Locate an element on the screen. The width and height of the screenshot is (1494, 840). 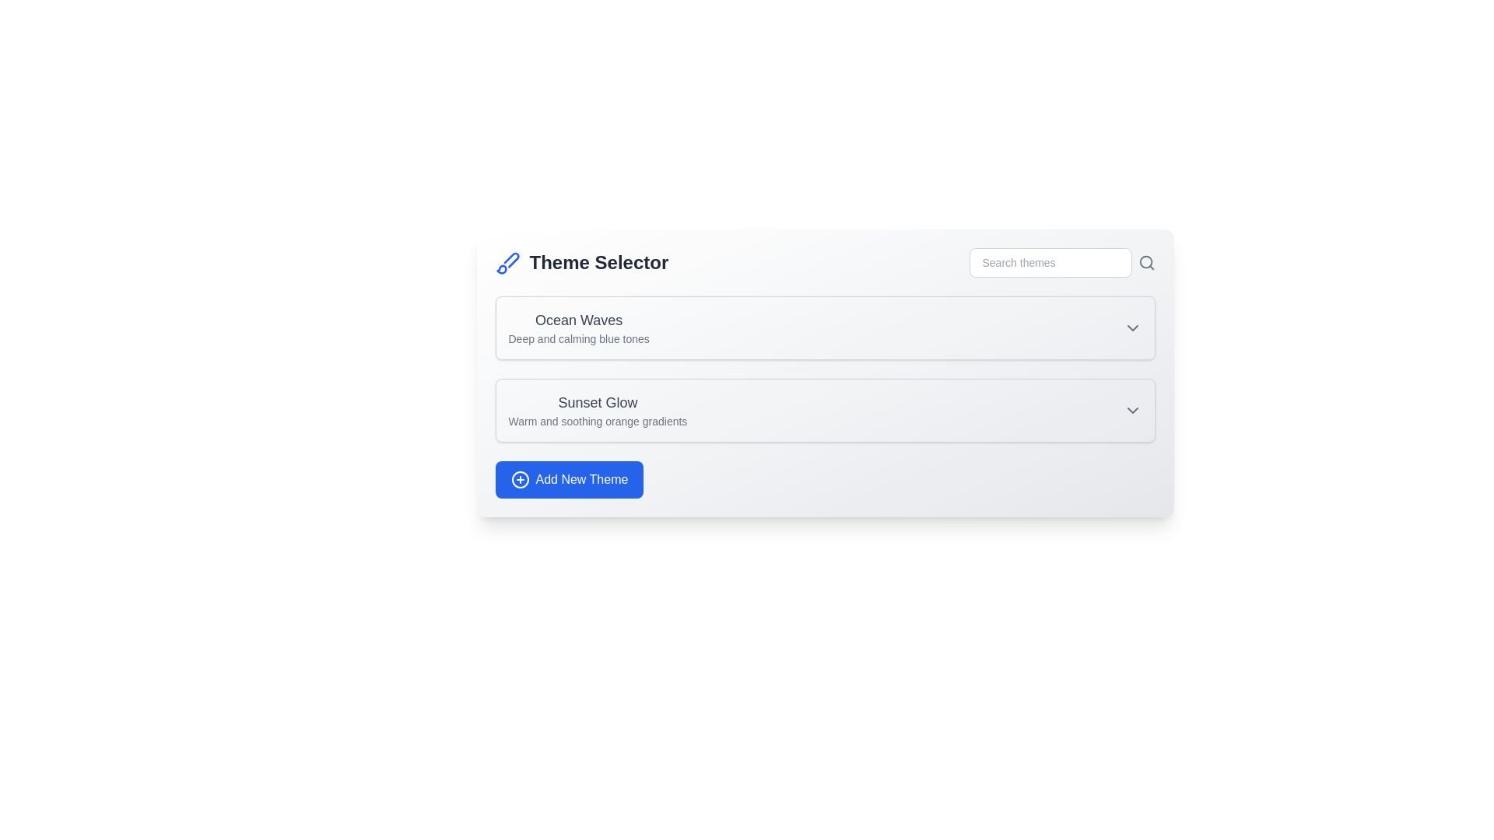
the decorative SVG Circle element located in the bottom right section of the UI, adjacent to the 'Add New Theme' button is located at coordinates (520, 479).